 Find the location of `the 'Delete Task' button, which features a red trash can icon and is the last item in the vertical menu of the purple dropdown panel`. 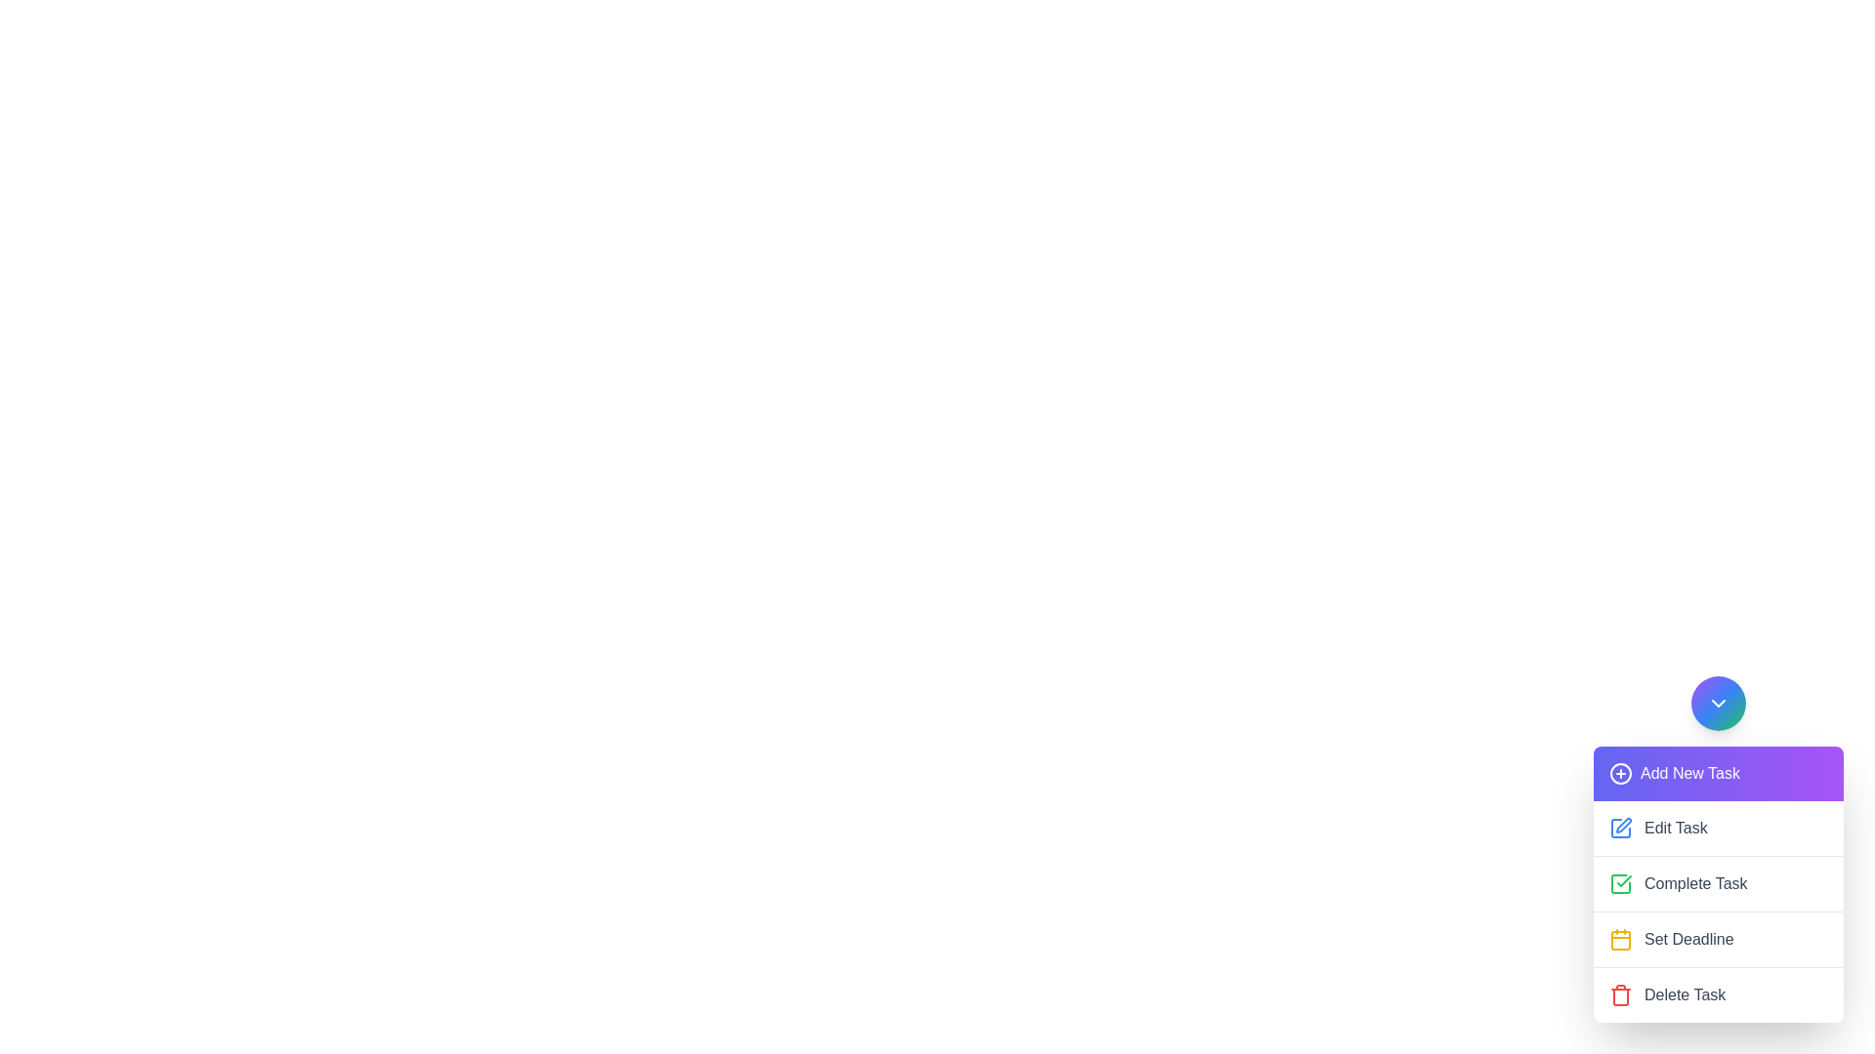

the 'Delete Task' button, which features a red trash can icon and is the last item in the vertical menu of the purple dropdown panel is located at coordinates (1719, 993).